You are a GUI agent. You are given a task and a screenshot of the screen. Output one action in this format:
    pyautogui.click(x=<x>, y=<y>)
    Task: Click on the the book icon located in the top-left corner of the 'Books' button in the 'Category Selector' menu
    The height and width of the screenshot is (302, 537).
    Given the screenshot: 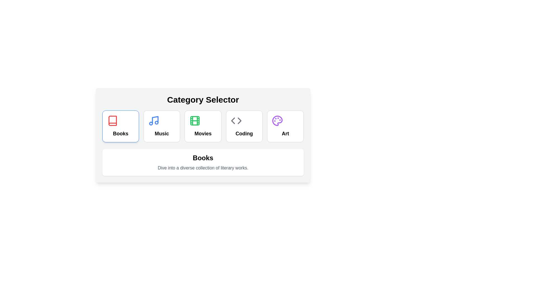 What is the action you would take?
    pyautogui.click(x=112, y=121)
    